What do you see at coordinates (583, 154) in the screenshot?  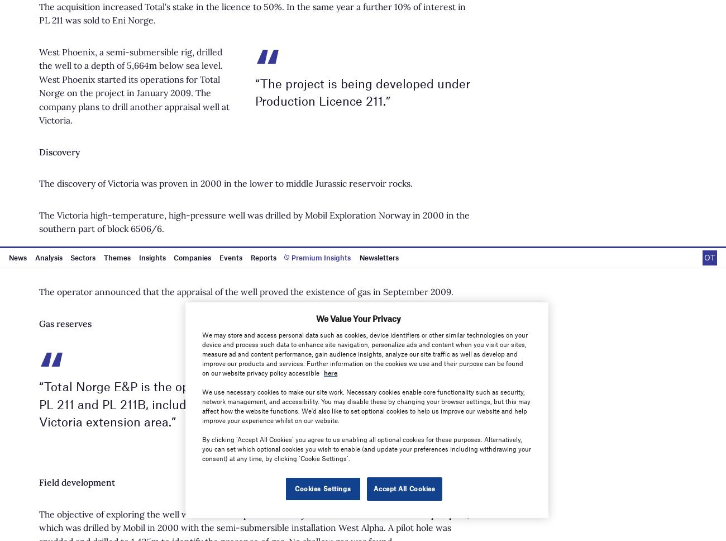 I see `'Sitemap'` at bounding box center [583, 154].